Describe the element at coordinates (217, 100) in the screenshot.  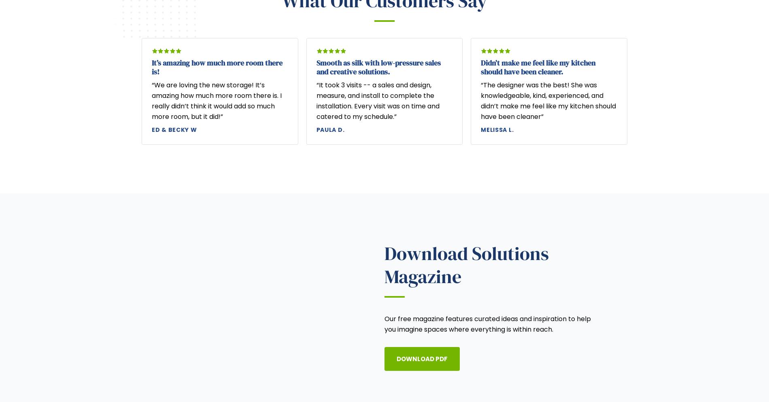
I see `'“We are loving the new storage! It’s amazing how much more room there is. I really didn’t think it would add so much more room, but it did!”'` at that location.